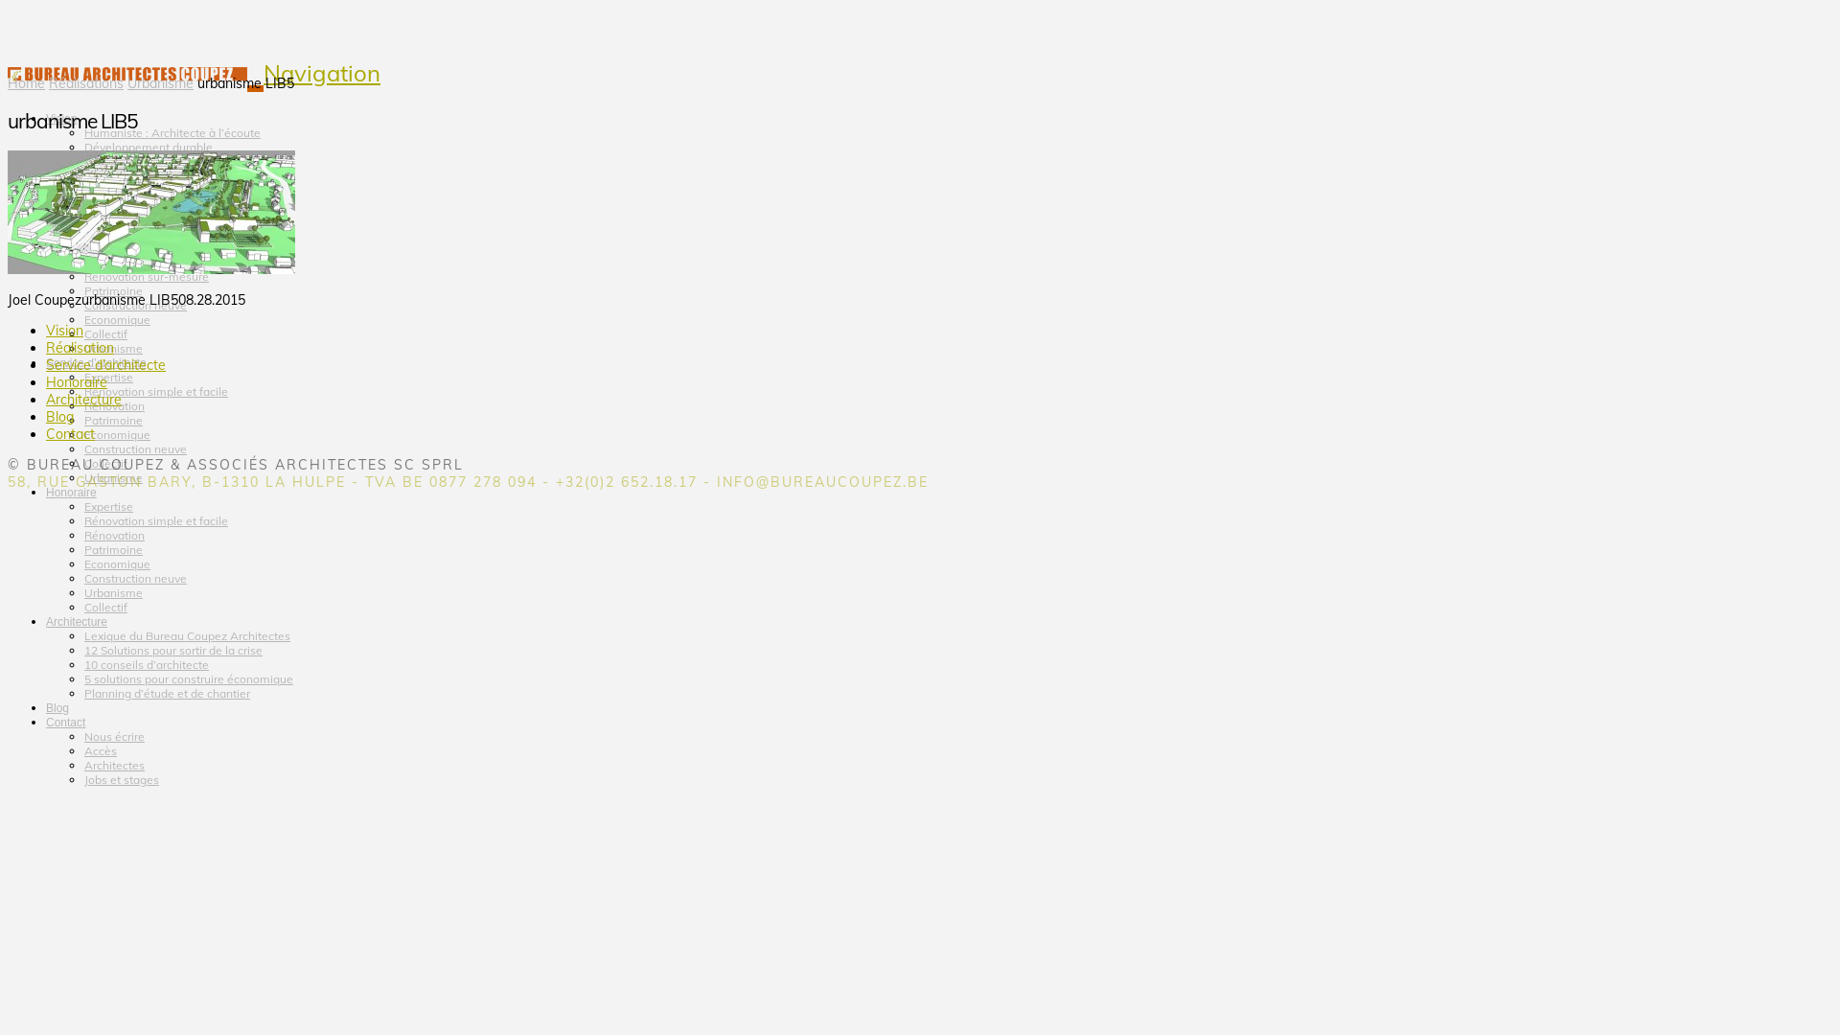  What do you see at coordinates (134, 448) in the screenshot?
I see `'Construction neuve'` at bounding box center [134, 448].